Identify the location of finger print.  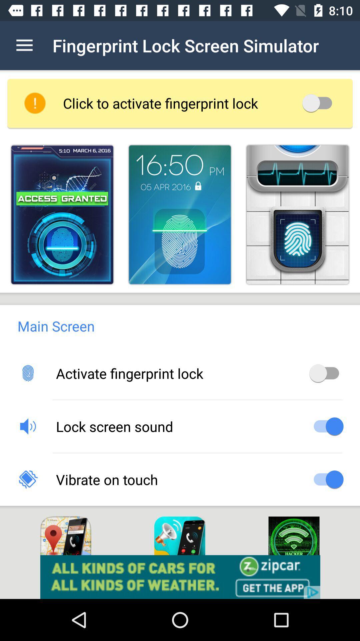
(179, 215).